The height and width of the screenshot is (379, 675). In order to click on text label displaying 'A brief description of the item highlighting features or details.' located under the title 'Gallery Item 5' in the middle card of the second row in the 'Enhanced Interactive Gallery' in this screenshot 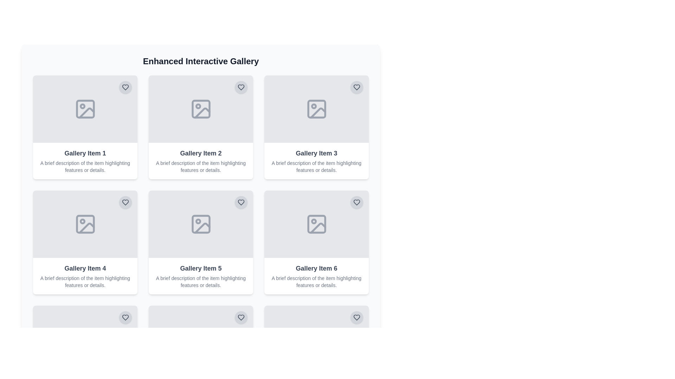, I will do `click(200, 281)`.